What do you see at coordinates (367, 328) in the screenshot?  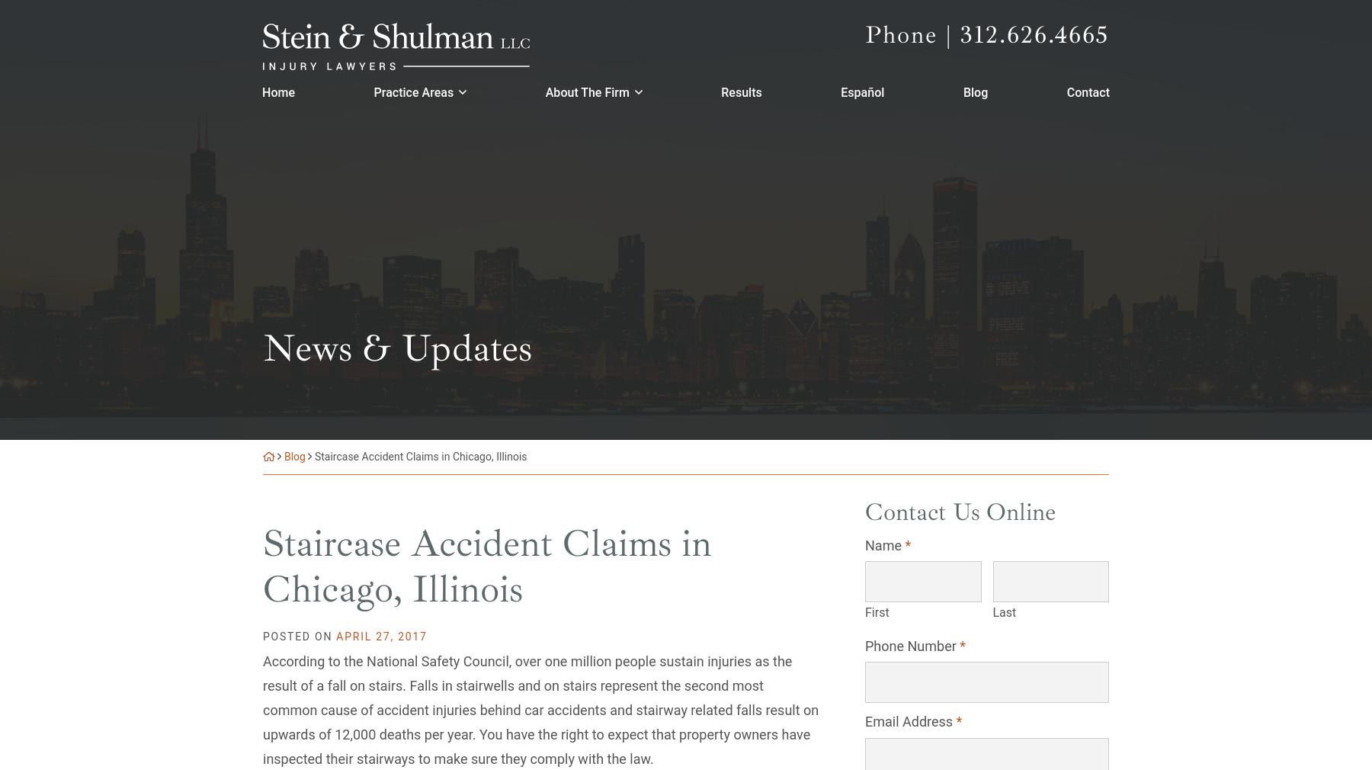 I see `'Personal Injury'` at bounding box center [367, 328].